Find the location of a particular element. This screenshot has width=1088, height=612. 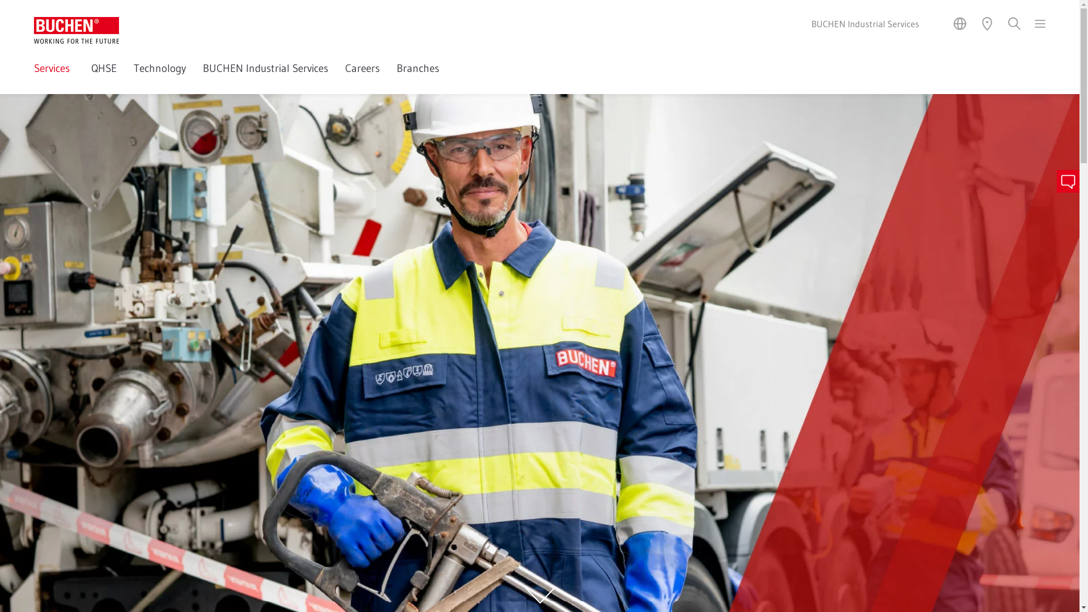

'QHSE' is located at coordinates (104, 76).